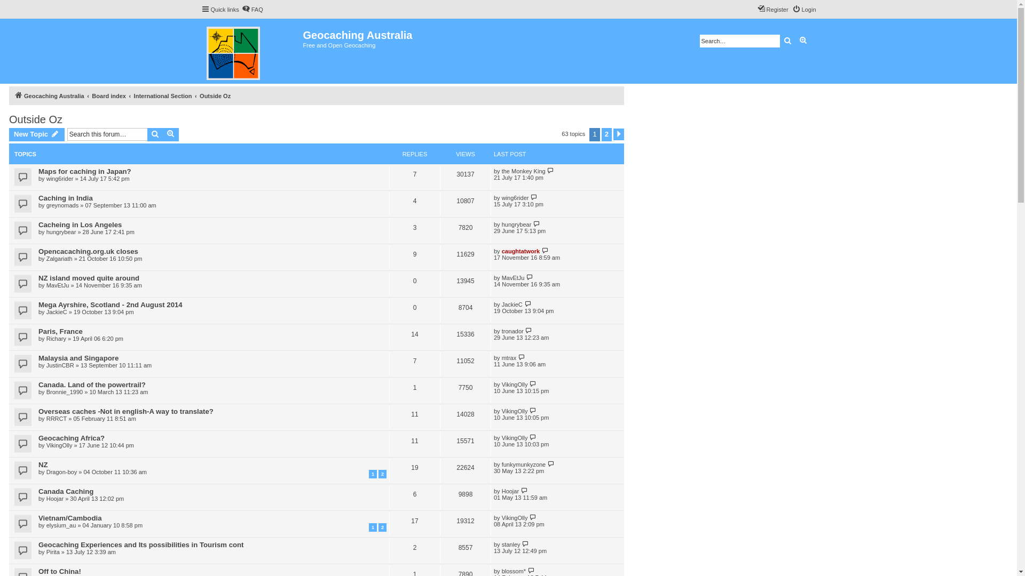 The image size is (1025, 576). What do you see at coordinates (373, 473) in the screenshot?
I see `'1'` at bounding box center [373, 473].